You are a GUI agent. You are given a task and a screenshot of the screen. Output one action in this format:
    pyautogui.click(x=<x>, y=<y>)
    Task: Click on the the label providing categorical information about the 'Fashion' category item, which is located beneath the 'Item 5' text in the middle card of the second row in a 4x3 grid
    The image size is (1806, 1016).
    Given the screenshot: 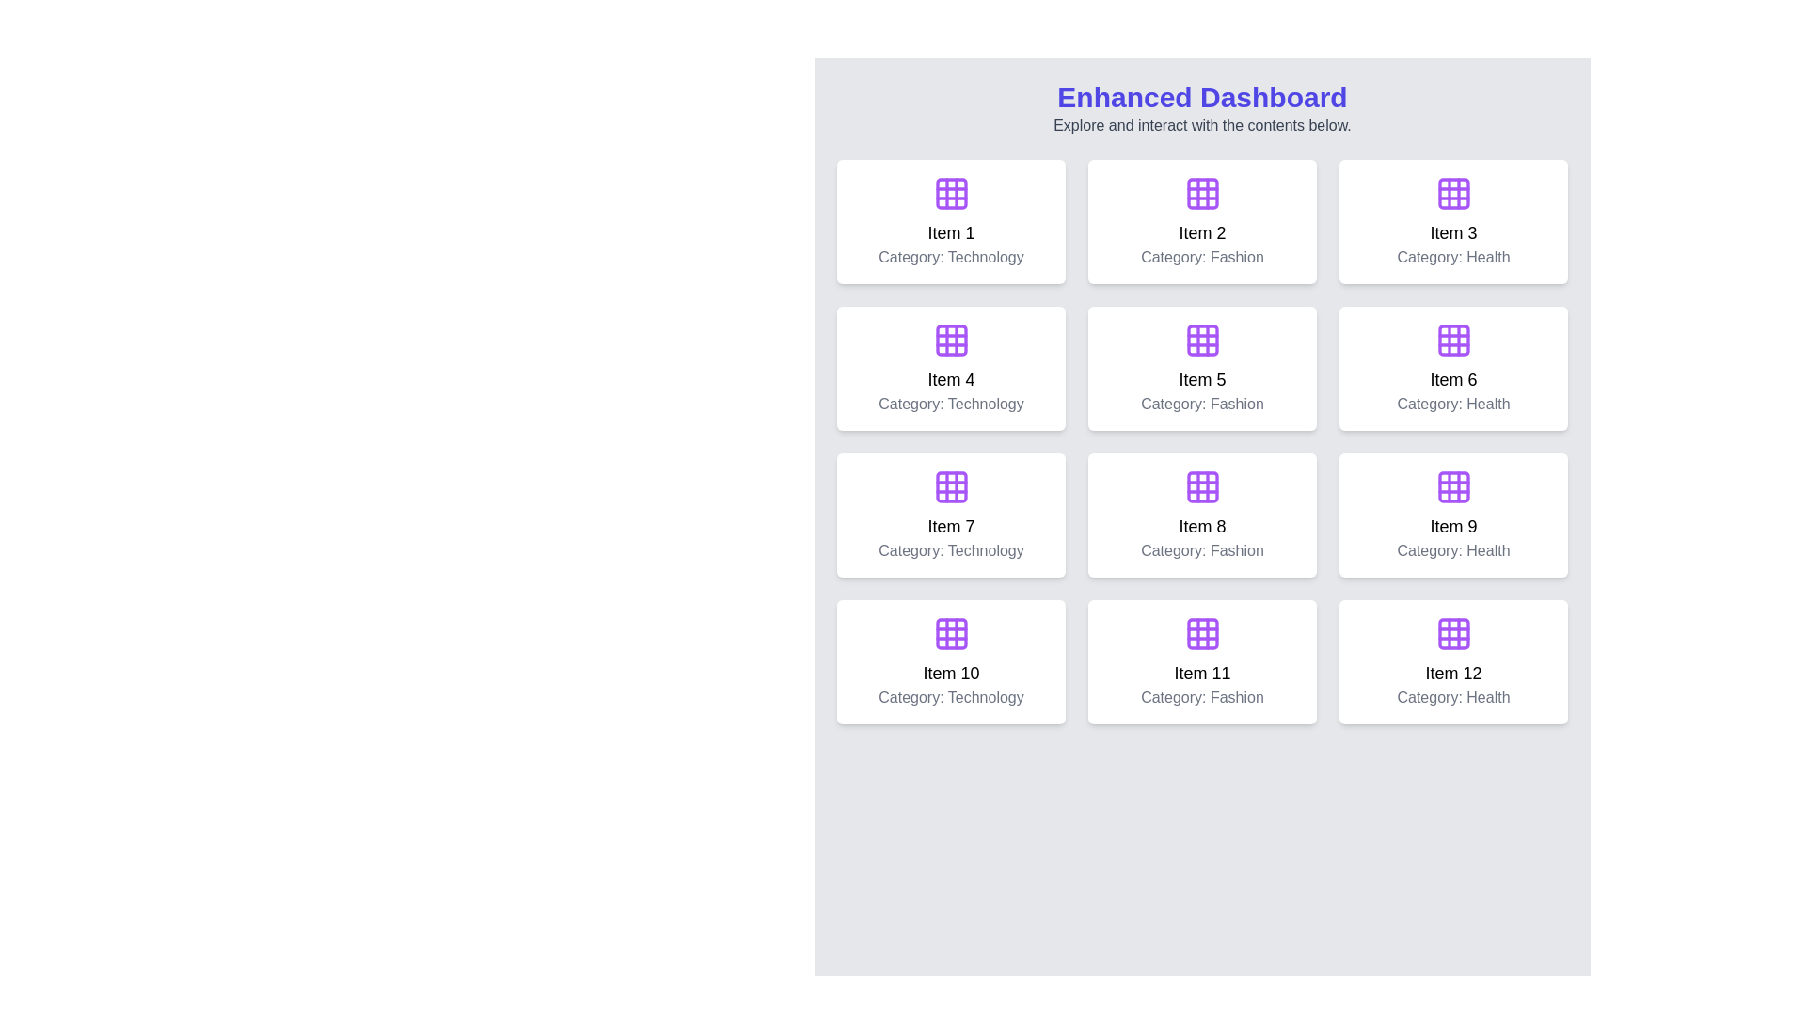 What is the action you would take?
    pyautogui.click(x=1201, y=403)
    